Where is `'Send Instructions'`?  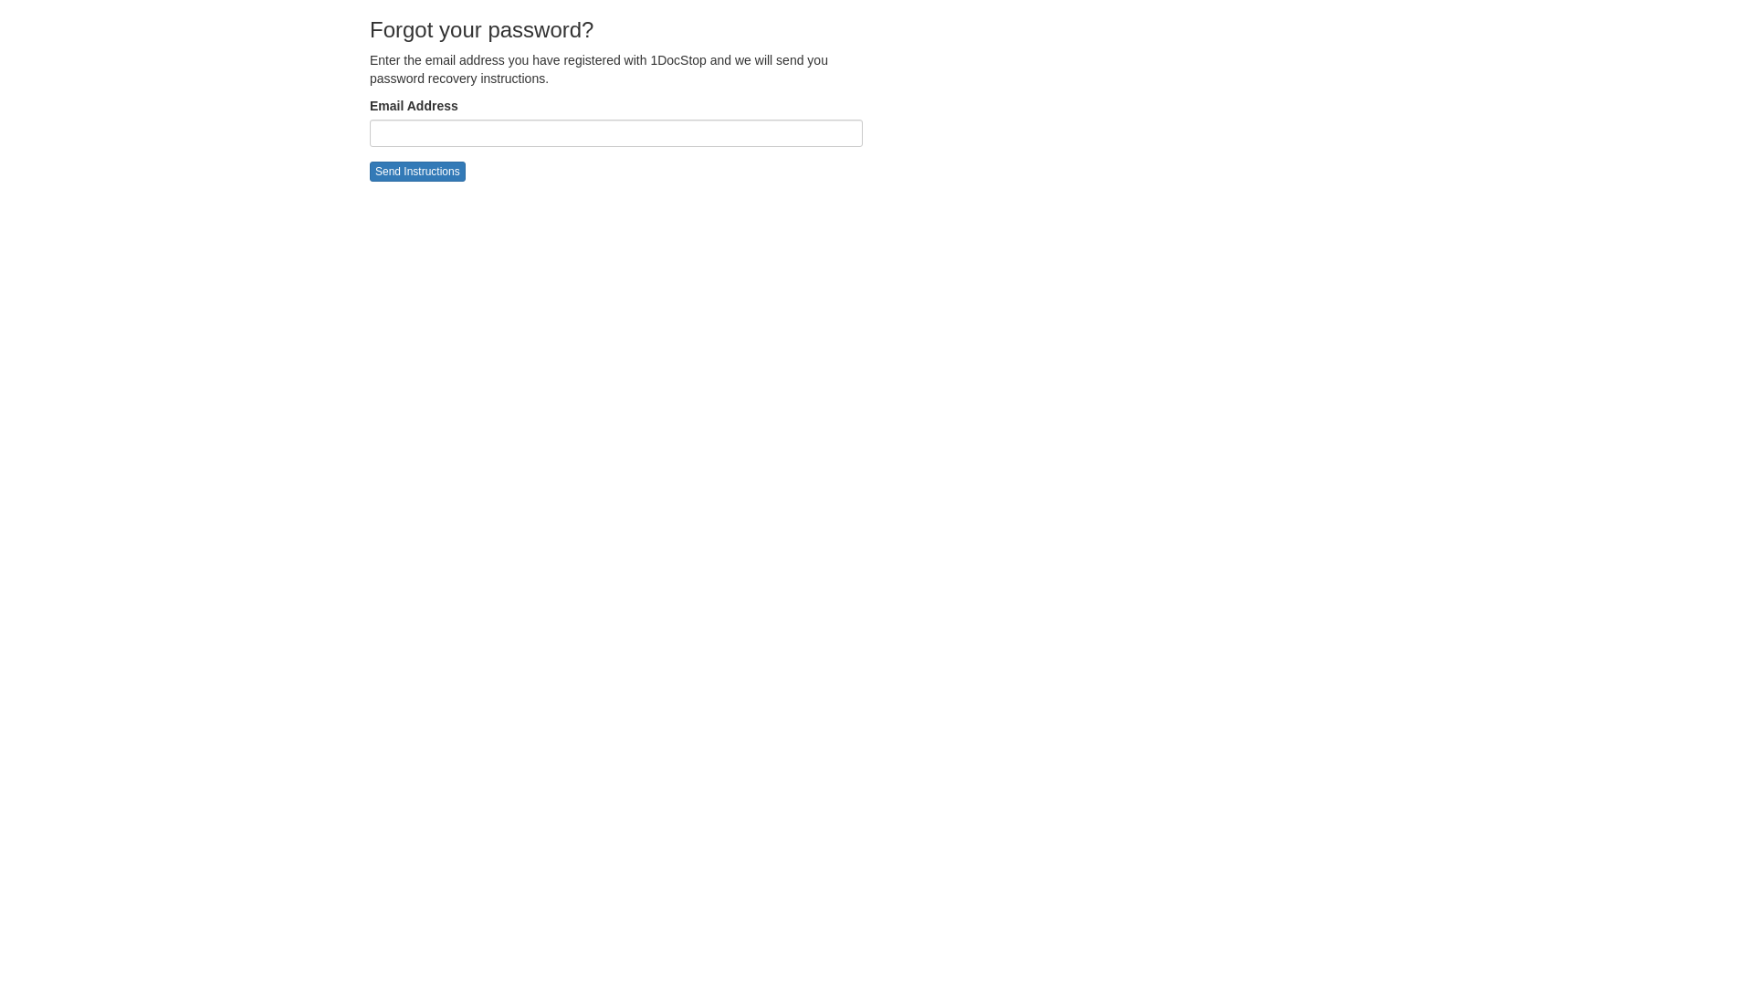
'Send Instructions' is located at coordinates (416, 172).